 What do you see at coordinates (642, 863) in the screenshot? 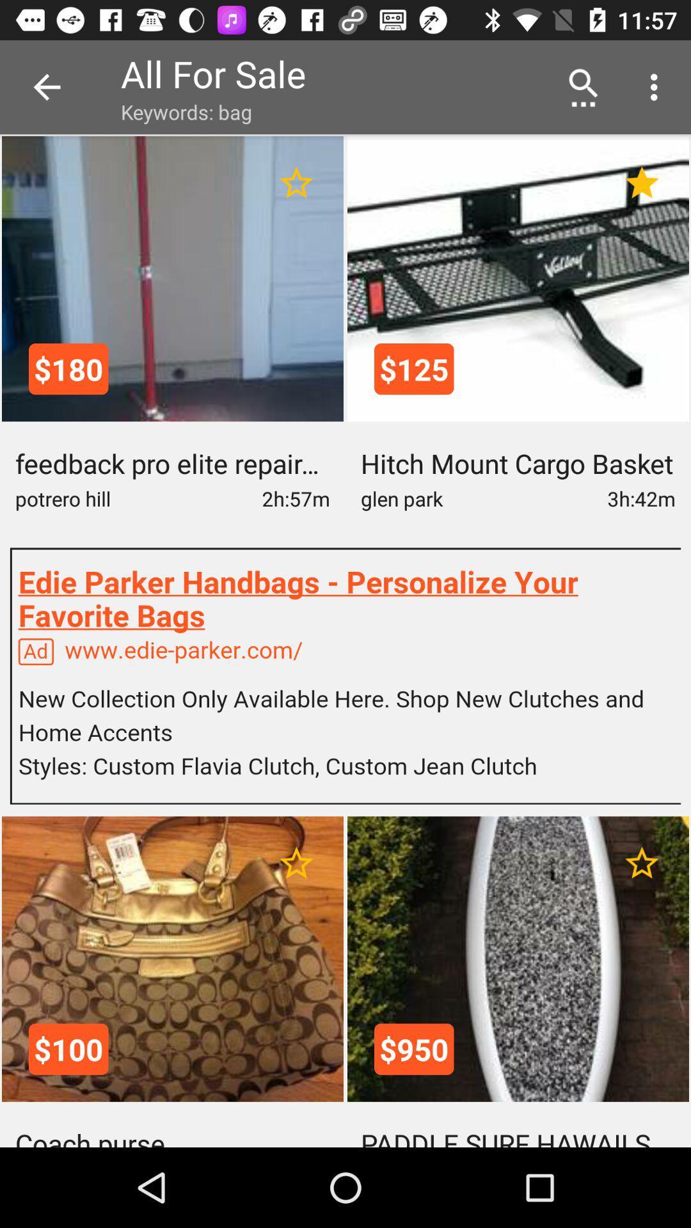
I see `to favorite` at bounding box center [642, 863].